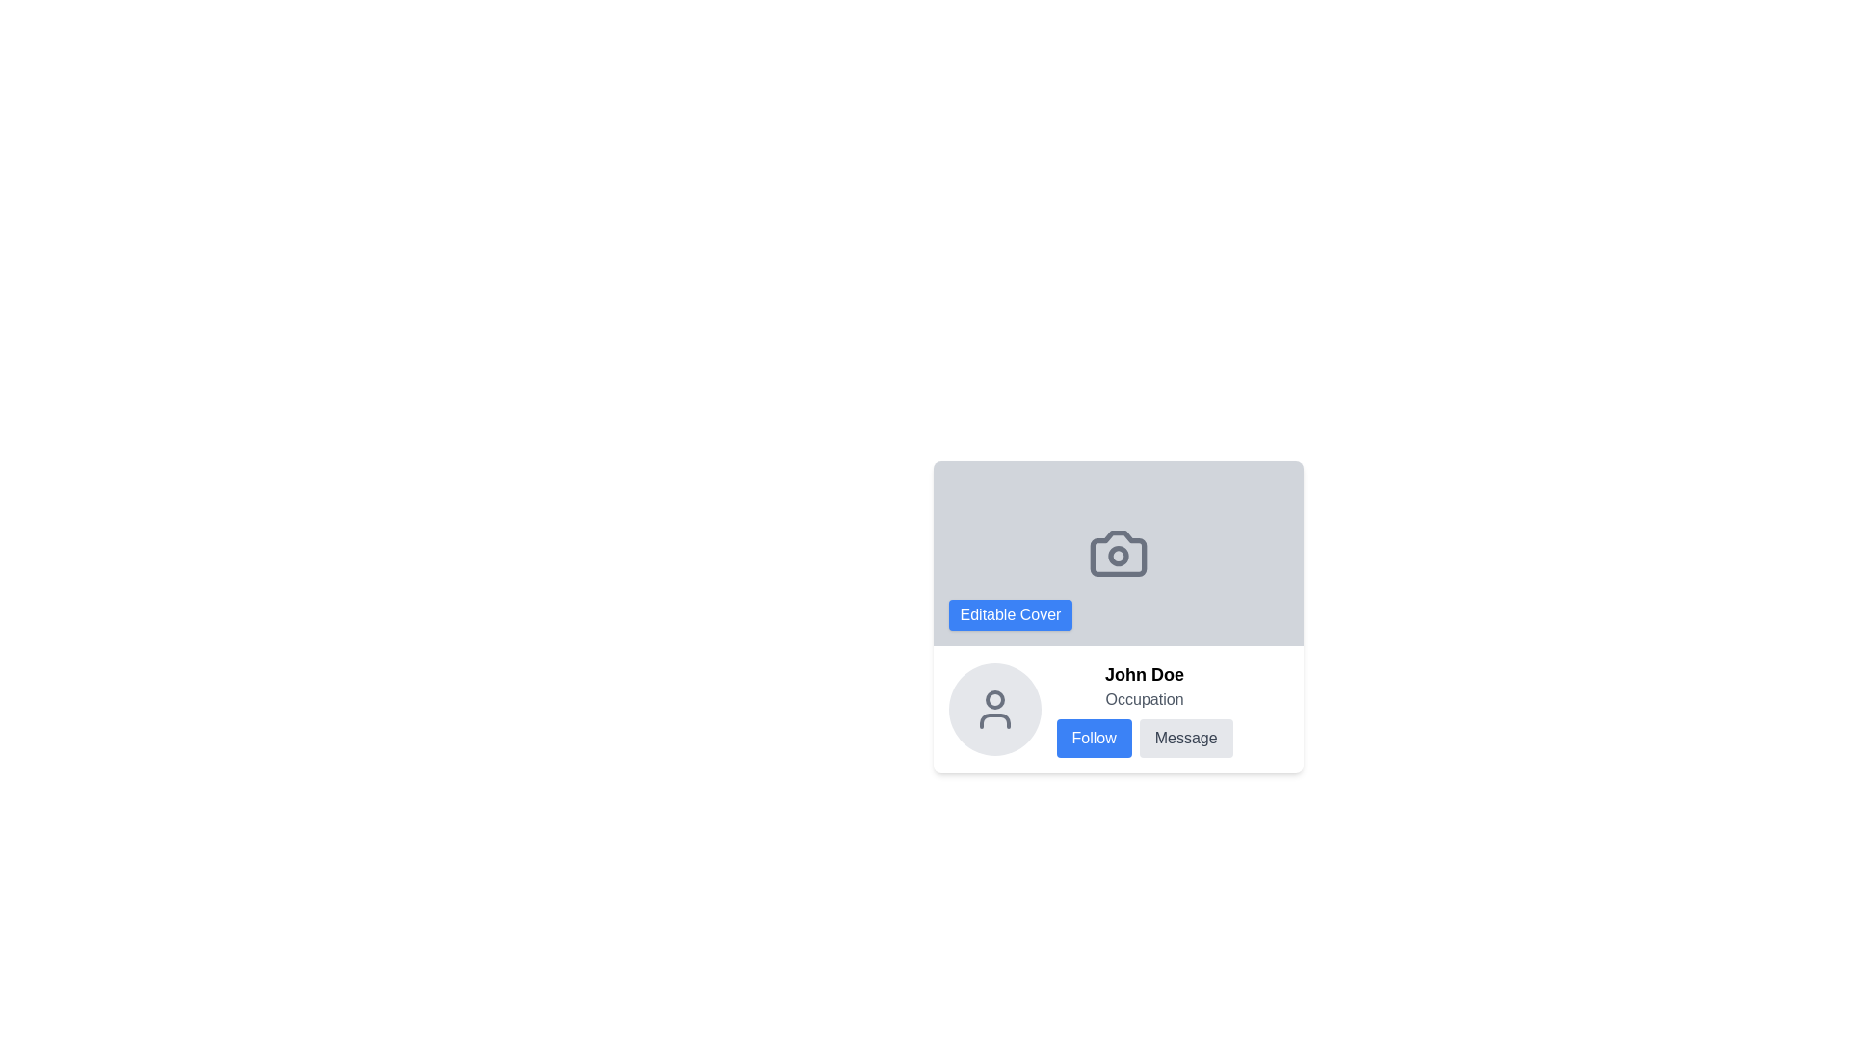 This screenshot has width=1850, height=1040. I want to click on the circular head part of the user avatar icon located at the top-center of the profile picture area, so click(994, 699).